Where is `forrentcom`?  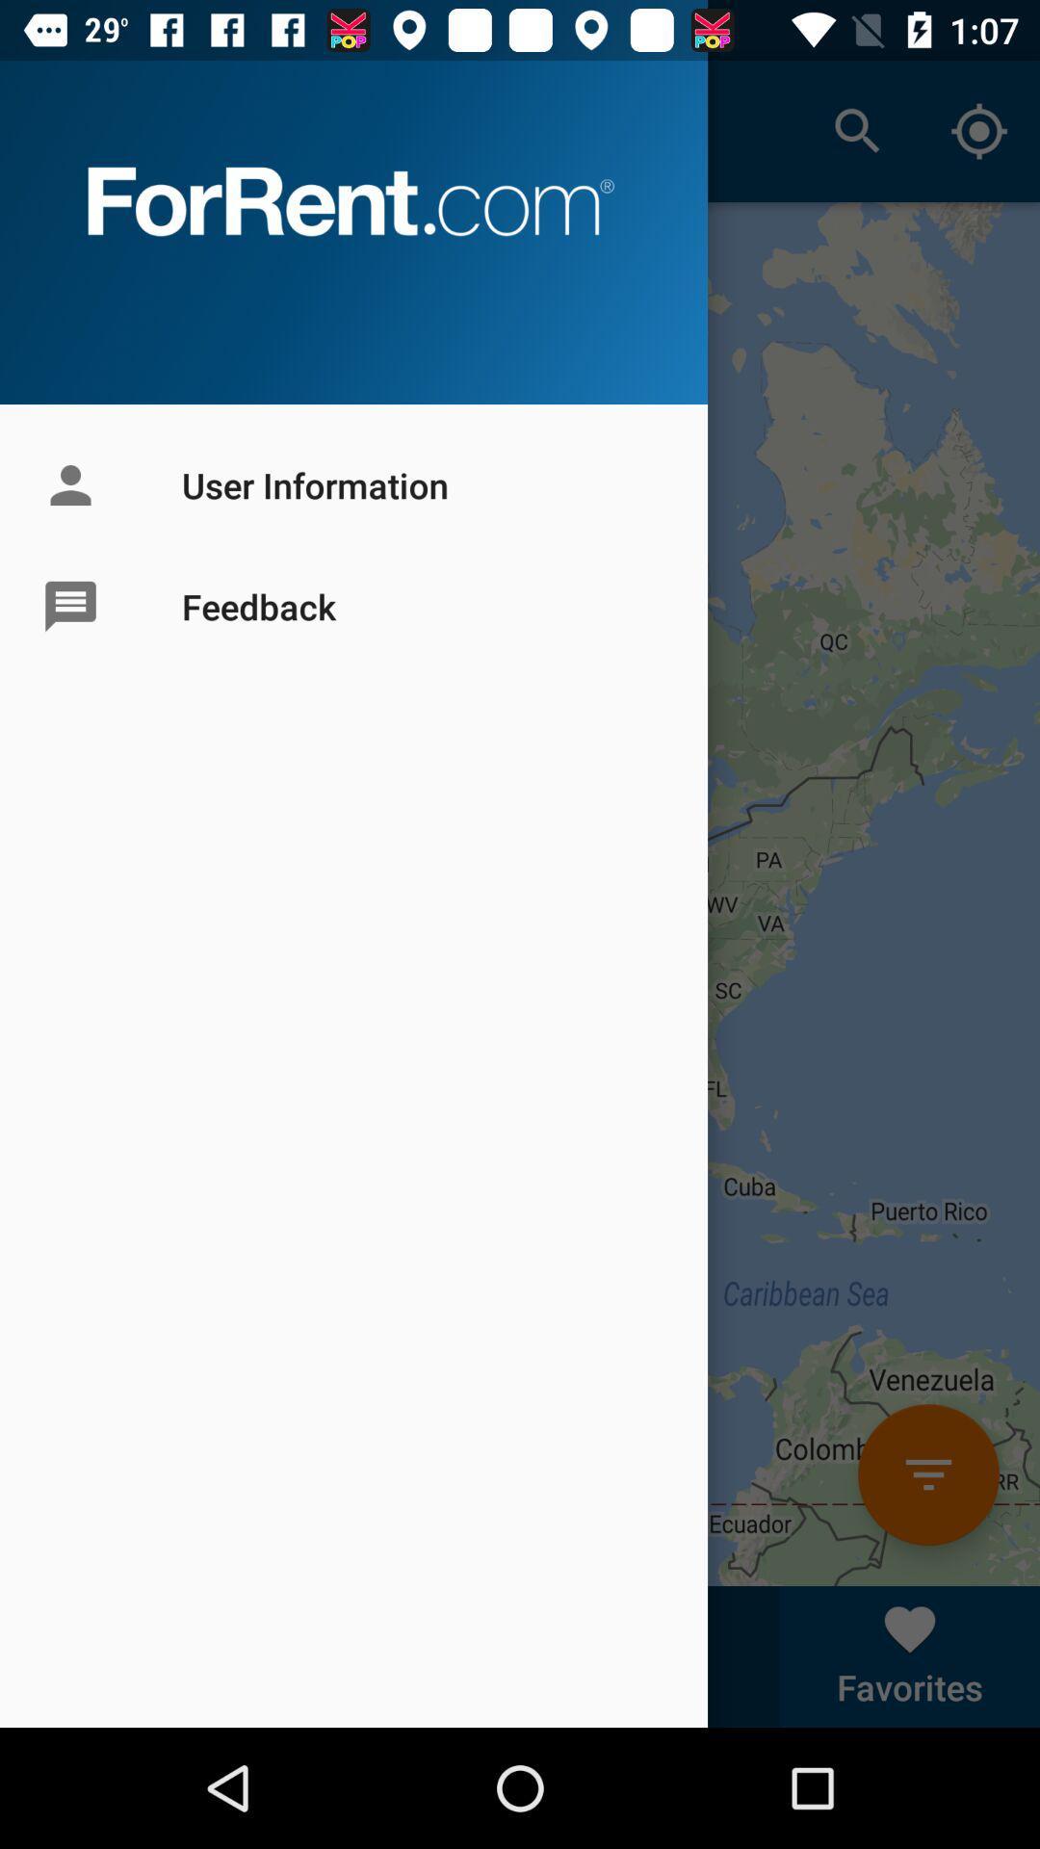 forrentcom is located at coordinates (353, 202).